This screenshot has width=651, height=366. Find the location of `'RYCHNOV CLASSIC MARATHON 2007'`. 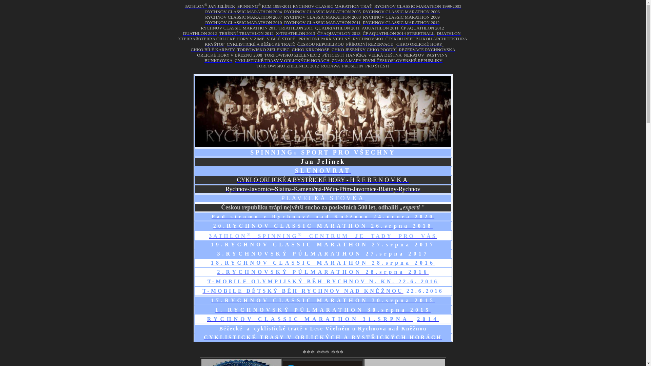

'RYCHNOV CLASSIC MARATHON 2007' is located at coordinates (243, 17).